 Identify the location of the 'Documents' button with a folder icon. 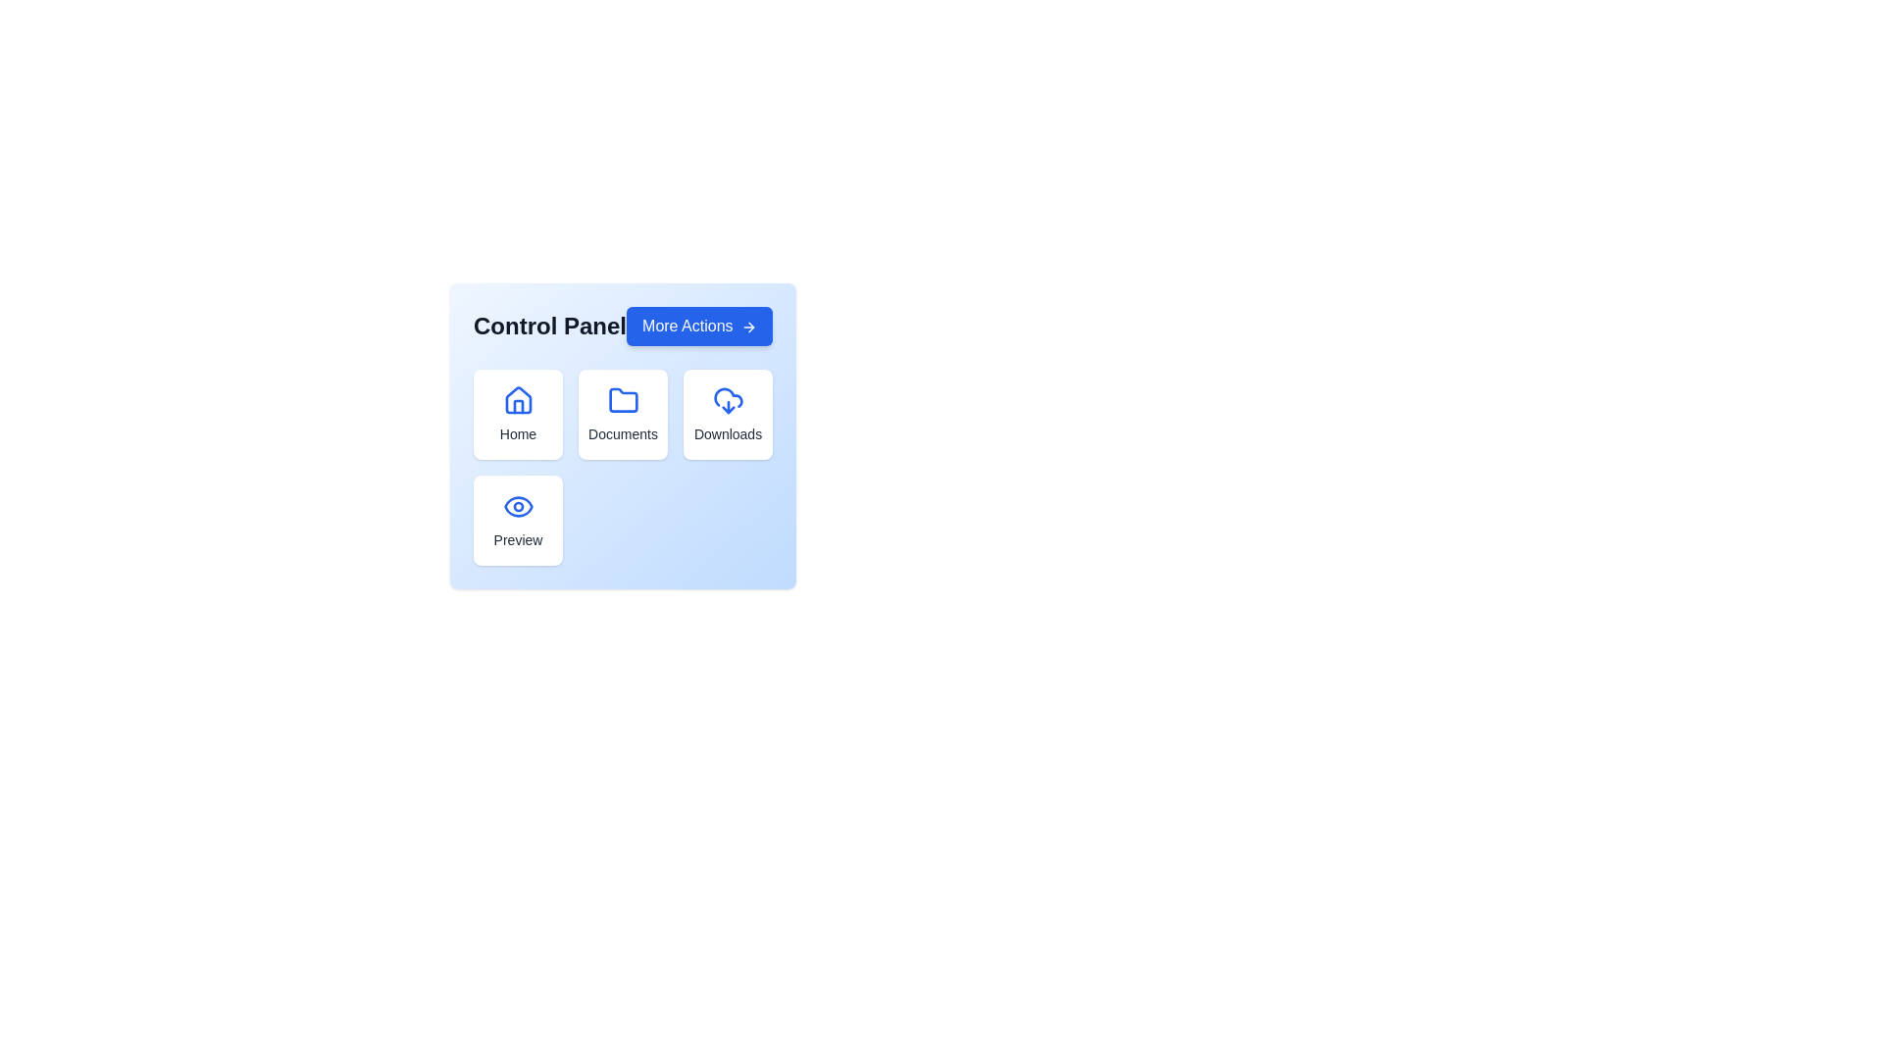
(622, 414).